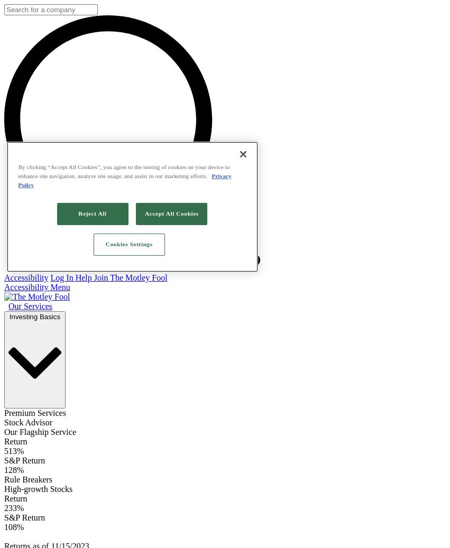  Describe the element at coordinates (13, 527) in the screenshot. I see `'108%'` at that location.